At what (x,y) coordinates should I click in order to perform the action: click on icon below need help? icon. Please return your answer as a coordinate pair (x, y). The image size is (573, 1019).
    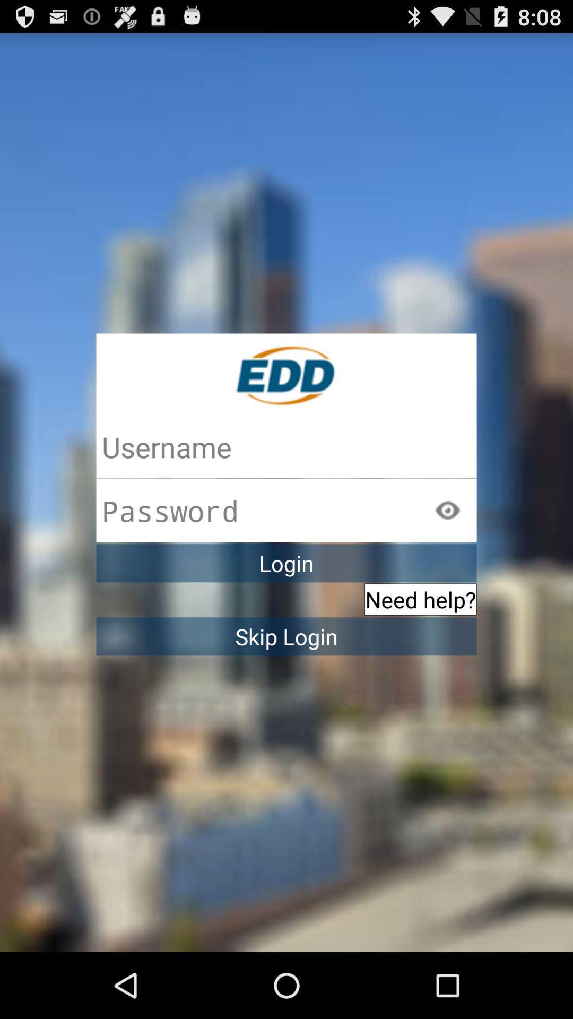
    Looking at the image, I should click on (286, 636).